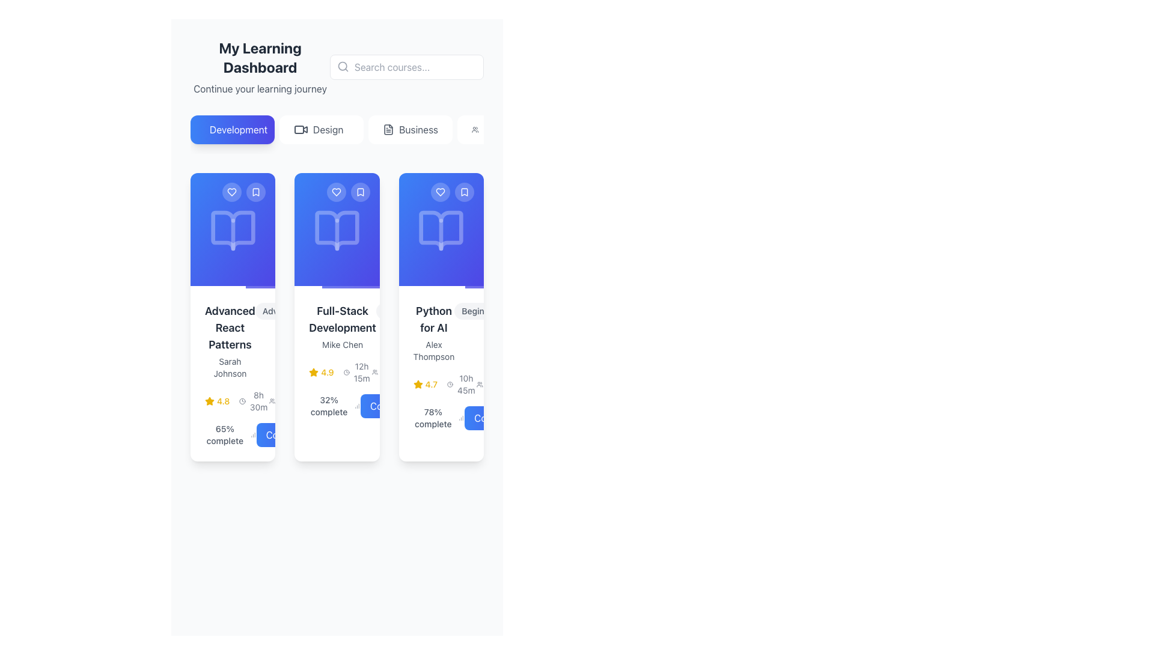 This screenshot has width=1154, height=649. What do you see at coordinates (463, 192) in the screenshot?
I see `the bookmark icon located at the top-right corner of the 'Python for AI' card to bookmark the related course` at bounding box center [463, 192].